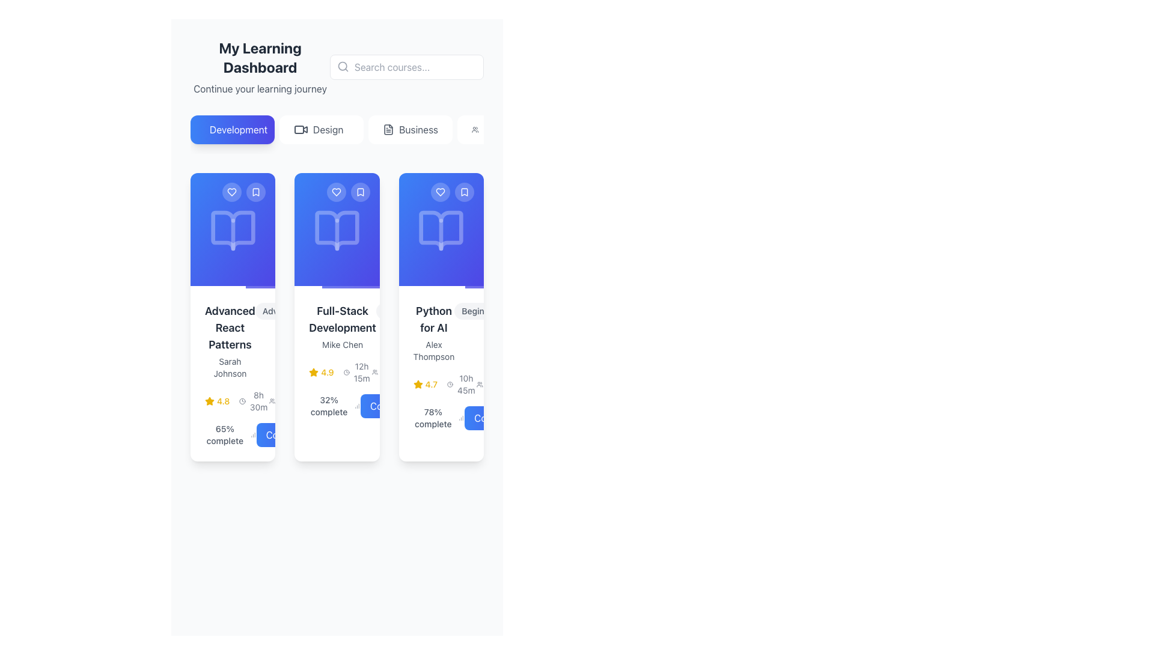 This screenshot has width=1154, height=649. What do you see at coordinates (463, 192) in the screenshot?
I see `the bookmark icon located at the top-right corner of the 'Python for AI' card to bookmark the related course` at bounding box center [463, 192].